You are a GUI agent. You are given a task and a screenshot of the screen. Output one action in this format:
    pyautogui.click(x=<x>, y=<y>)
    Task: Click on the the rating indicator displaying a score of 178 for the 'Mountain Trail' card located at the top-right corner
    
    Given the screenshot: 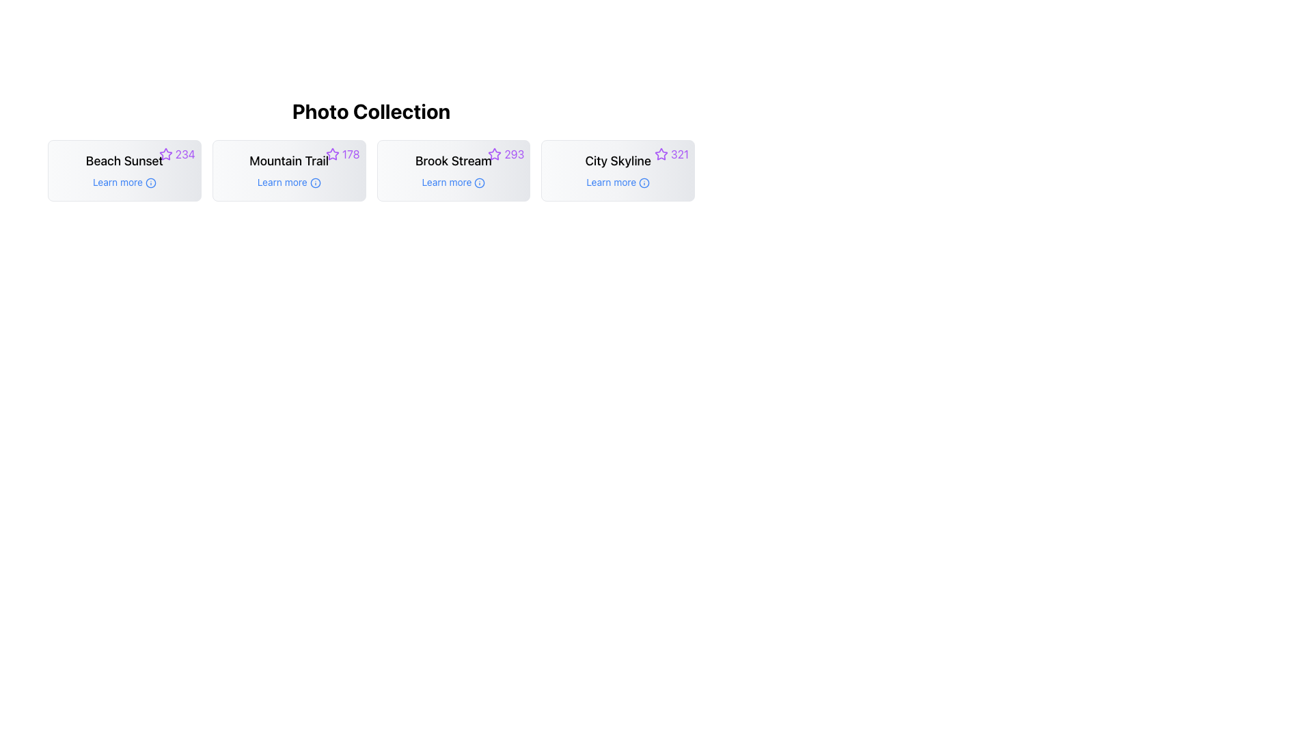 What is the action you would take?
    pyautogui.click(x=342, y=154)
    